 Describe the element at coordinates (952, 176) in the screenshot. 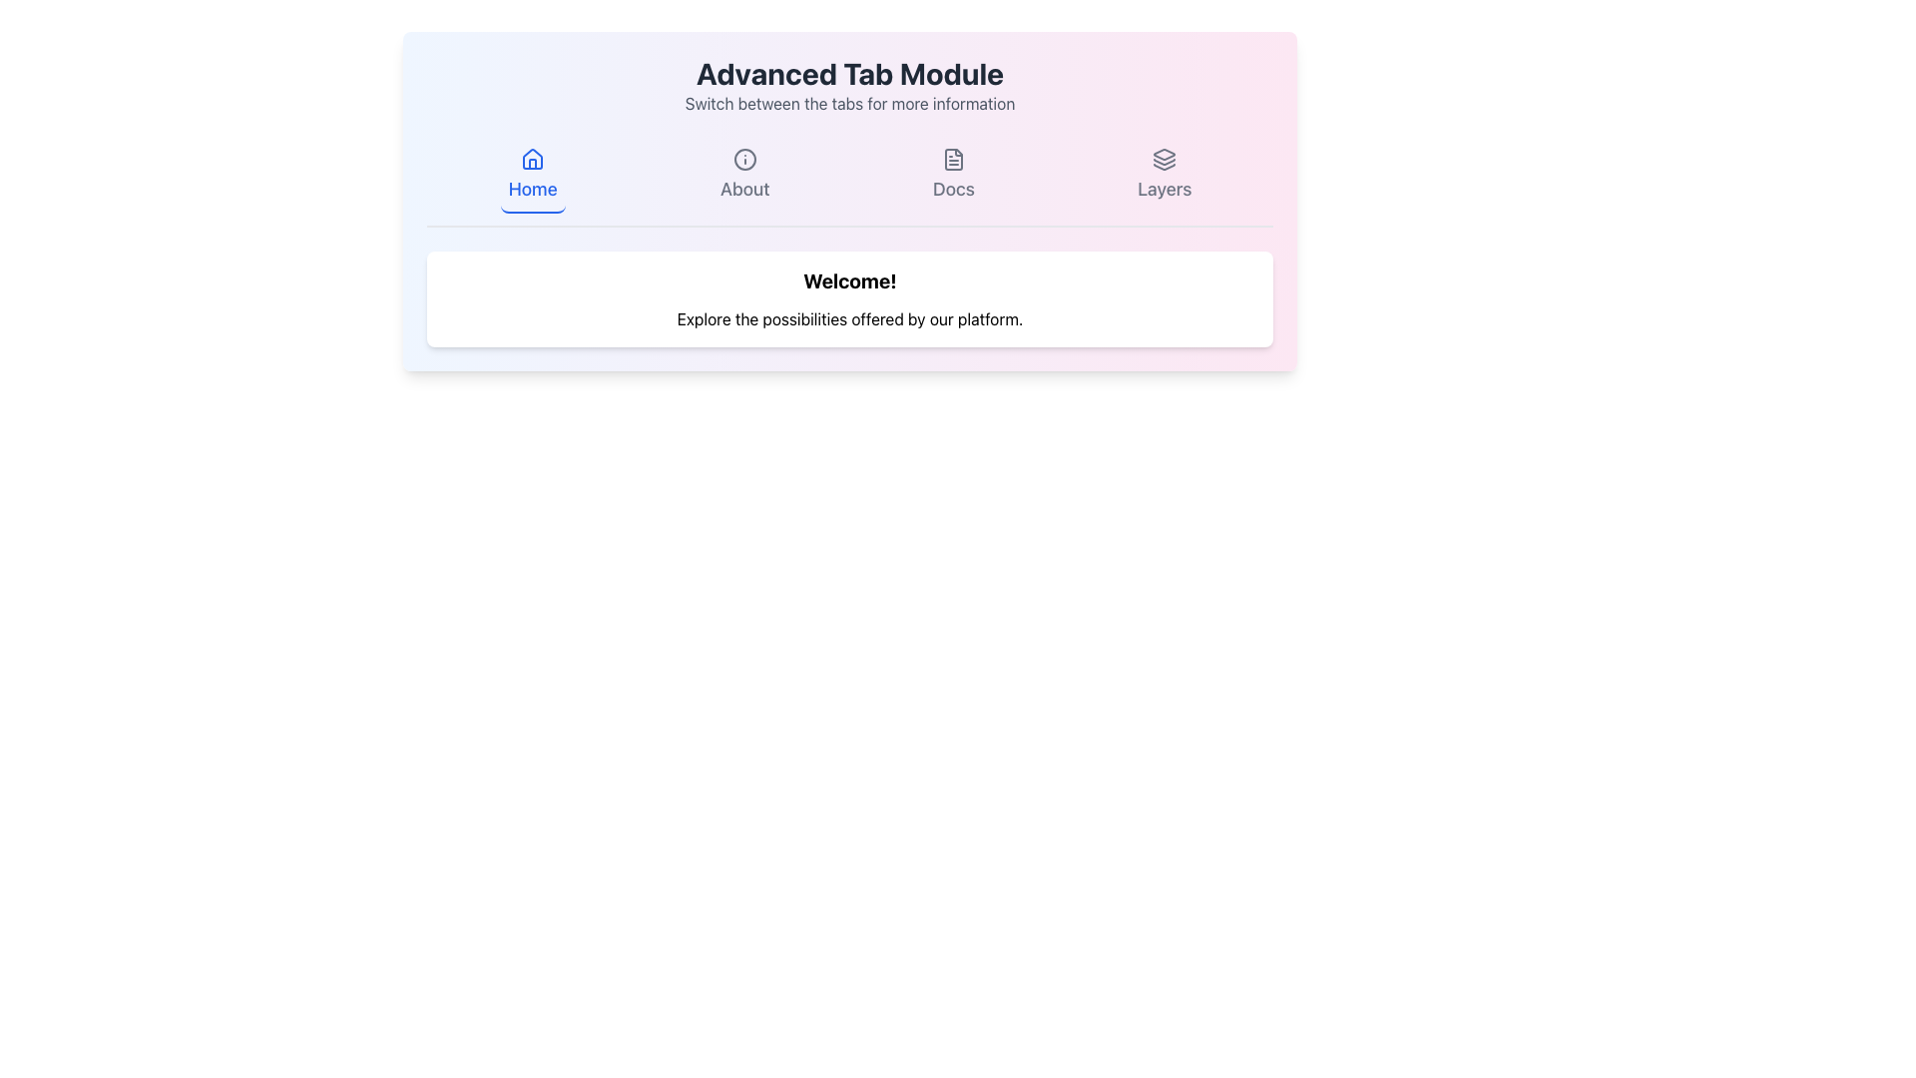

I see `the 'Docs' navigation button located beneath the 'Advanced Tab Module' heading to change its text color` at that location.